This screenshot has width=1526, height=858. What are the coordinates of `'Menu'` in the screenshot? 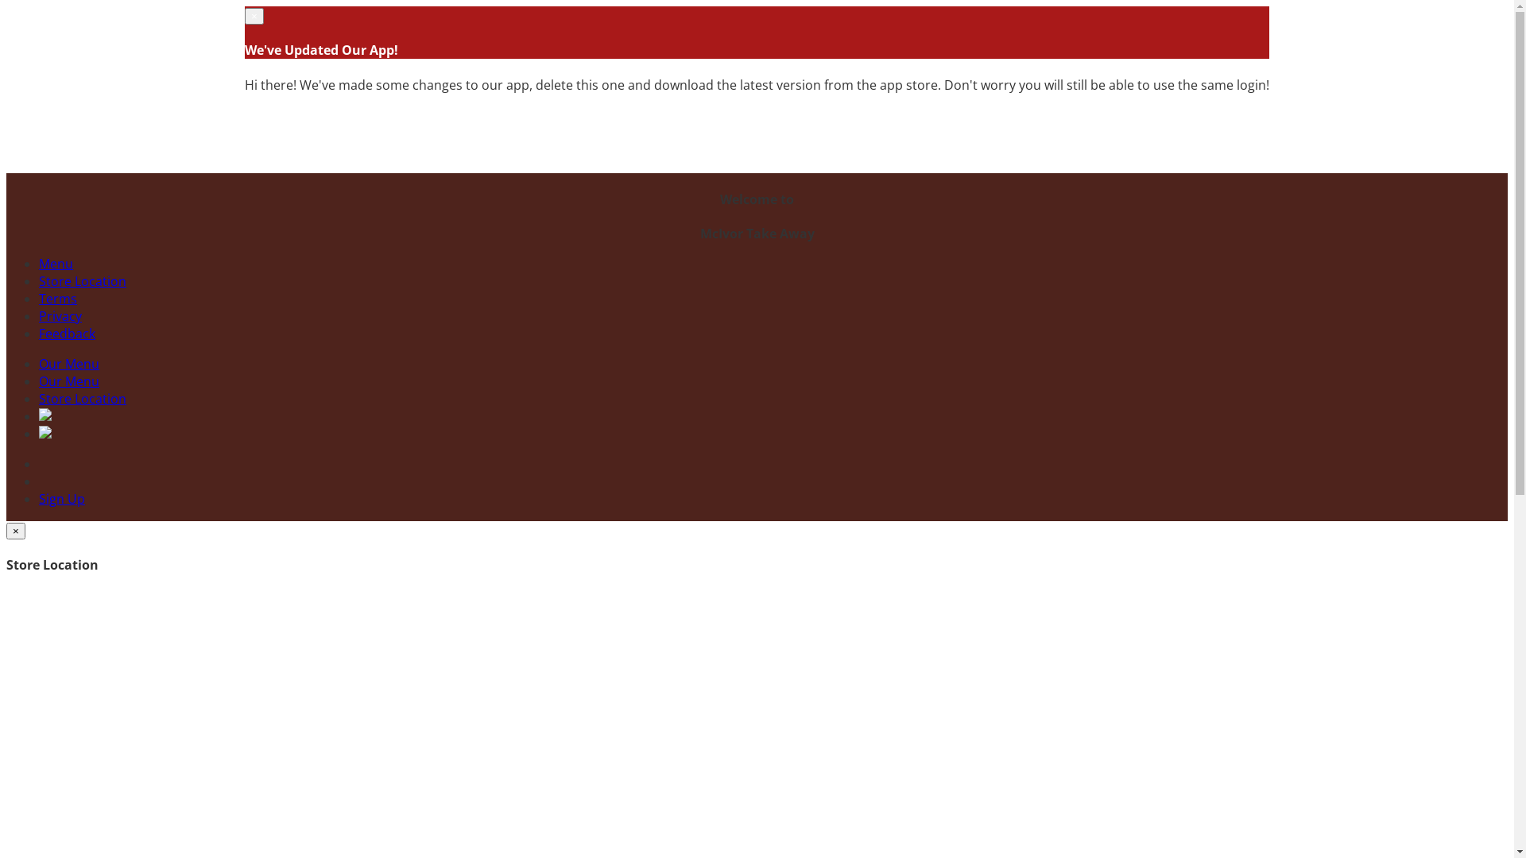 It's located at (38, 262).